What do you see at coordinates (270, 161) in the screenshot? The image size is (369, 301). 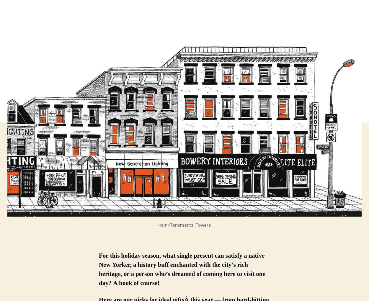 I see `'Looking for the latest episode of our podcasts? Listen now on iTunes to'` at bounding box center [270, 161].